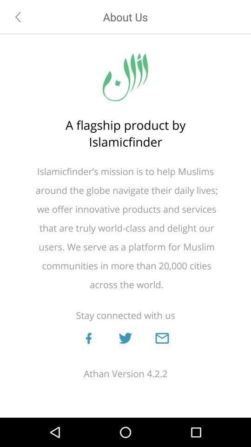 Image resolution: width=251 pixels, height=447 pixels. Describe the element at coordinates (161, 338) in the screenshot. I see `send email` at that location.